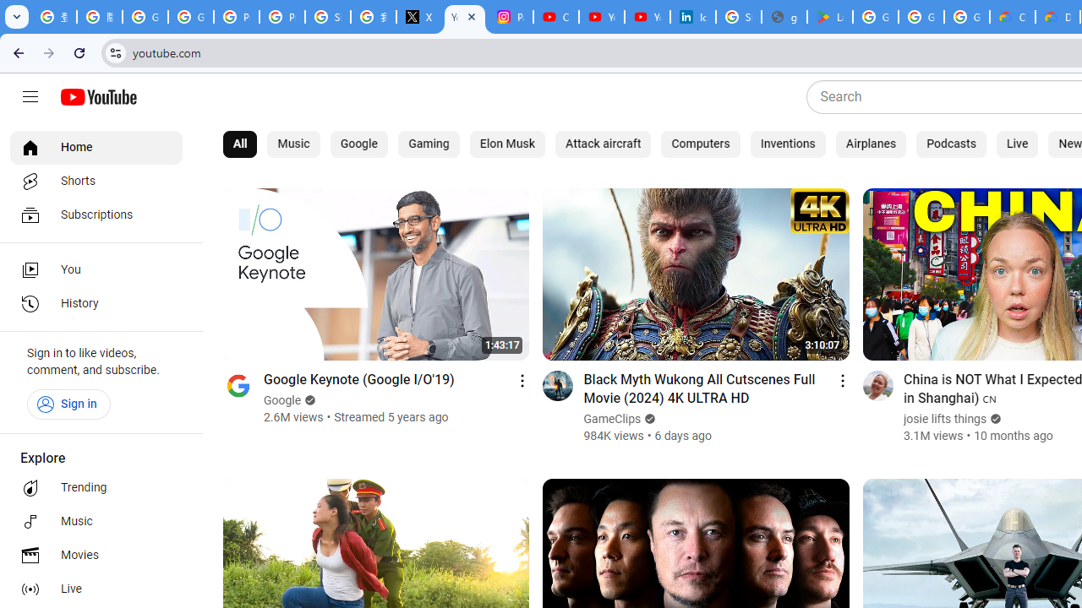  What do you see at coordinates (95, 488) in the screenshot?
I see `'Trending'` at bounding box center [95, 488].